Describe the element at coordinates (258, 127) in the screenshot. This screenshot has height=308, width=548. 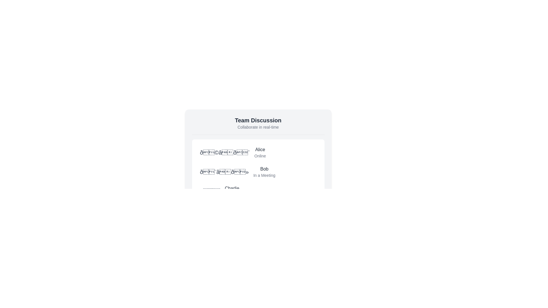
I see `the static text label displaying 'Collaborate in real-time', which is styled in a small gray font and positioned directly below the 'Team Discussion' heading` at that location.